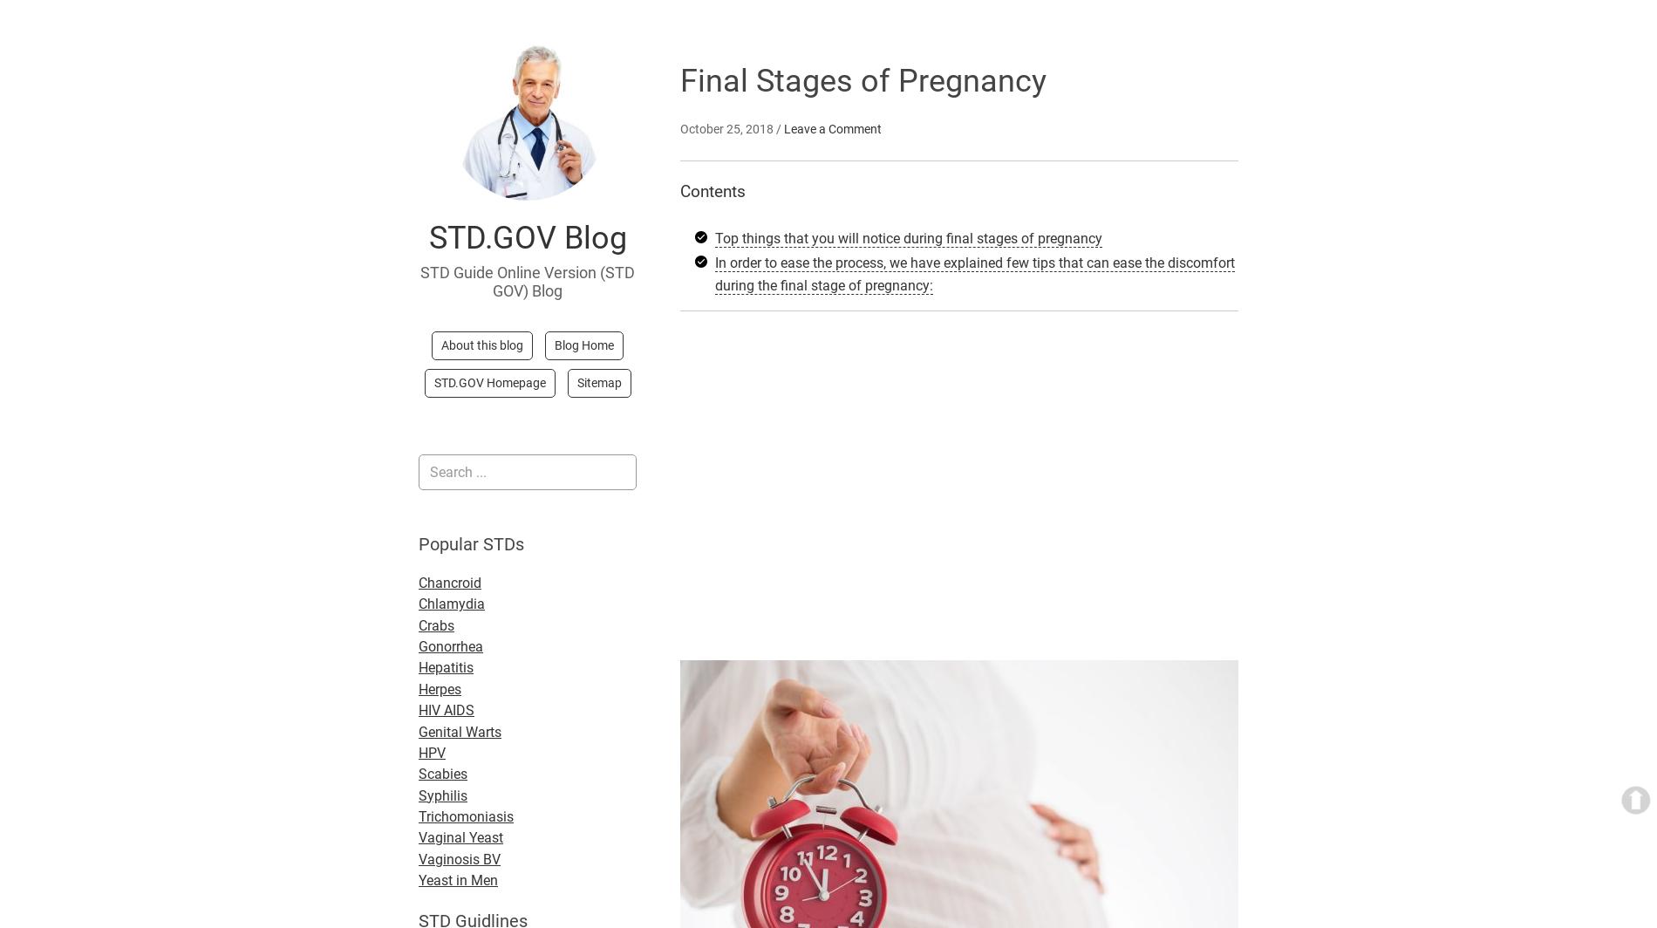  What do you see at coordinates (598, 382) in the screenshot?
I see `'Sitemap'` at bounding box center [598, 382].